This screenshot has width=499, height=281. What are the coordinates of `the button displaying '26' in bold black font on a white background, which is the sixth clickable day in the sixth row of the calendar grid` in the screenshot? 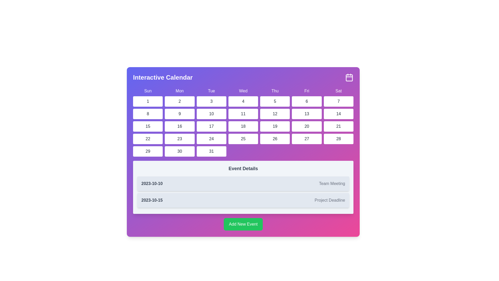 It's located at (275, 138).